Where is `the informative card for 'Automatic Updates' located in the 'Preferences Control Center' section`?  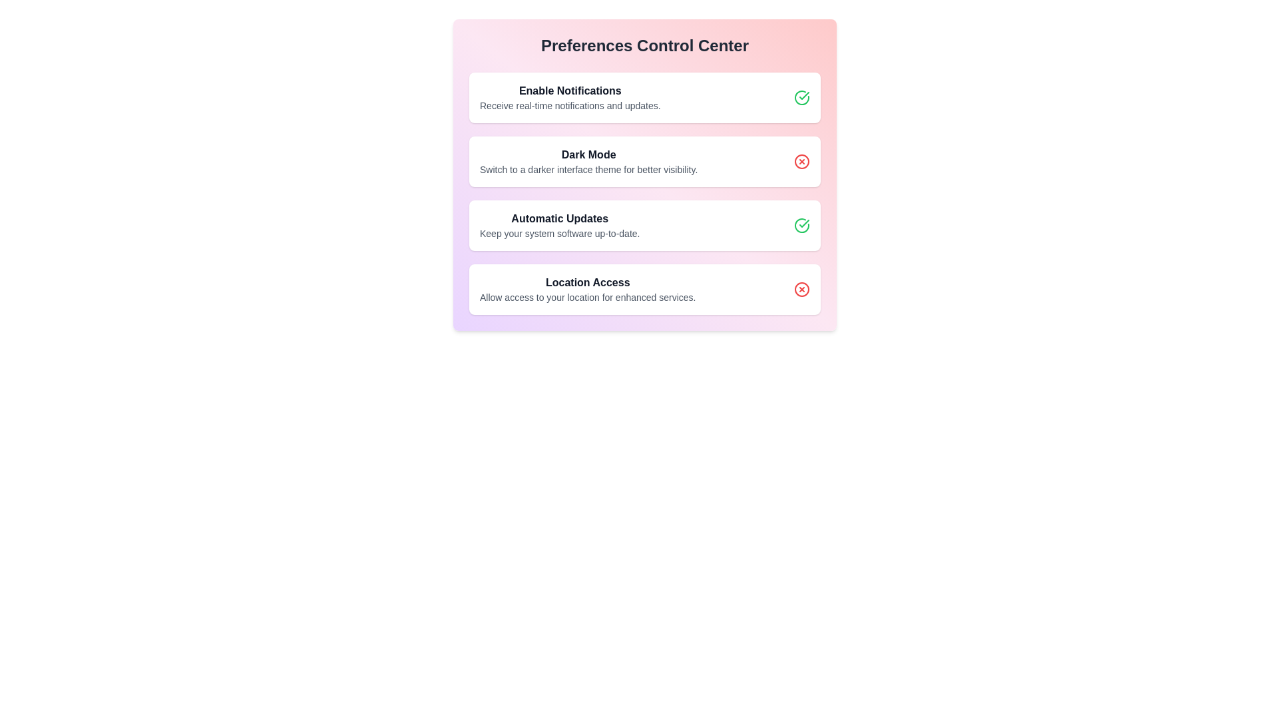 the informative card for 'Automatic Updates' located in the 'Preferences Control Center' section is located at coordinates (645, 225).